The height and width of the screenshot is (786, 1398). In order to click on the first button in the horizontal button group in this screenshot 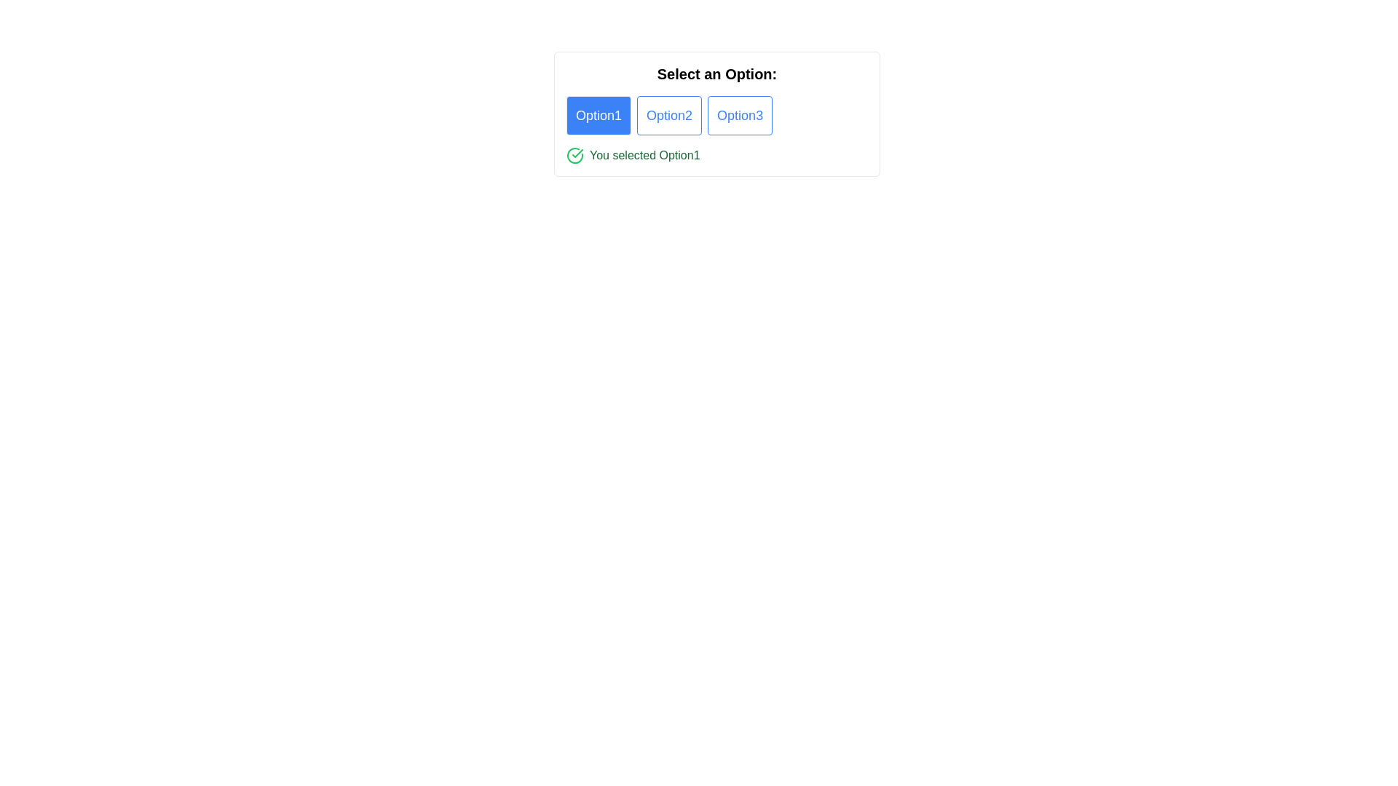, I will do `click(599, 114)`.